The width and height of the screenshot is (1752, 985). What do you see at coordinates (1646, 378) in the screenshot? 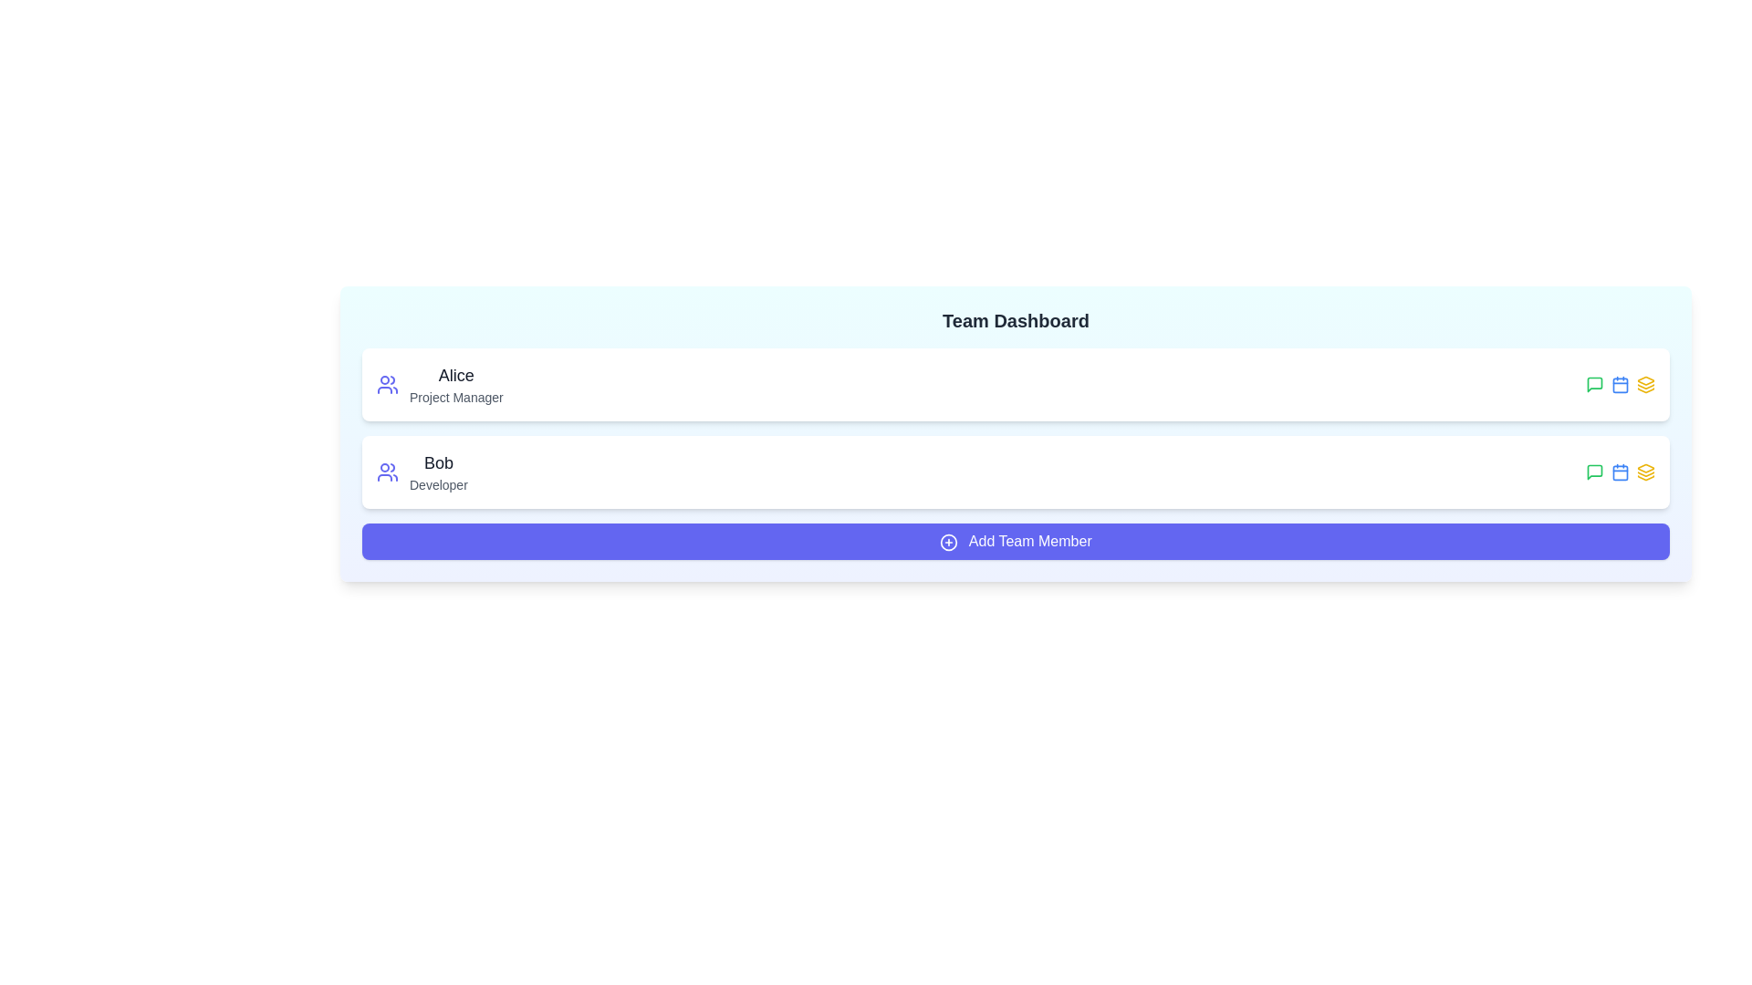
I see `the topmost triangular shape in the icon representing 'Details' or 'Layers' functionality, located on the right side of the second row aligned with user 'Bob'` at bounding box center [1646, 378].